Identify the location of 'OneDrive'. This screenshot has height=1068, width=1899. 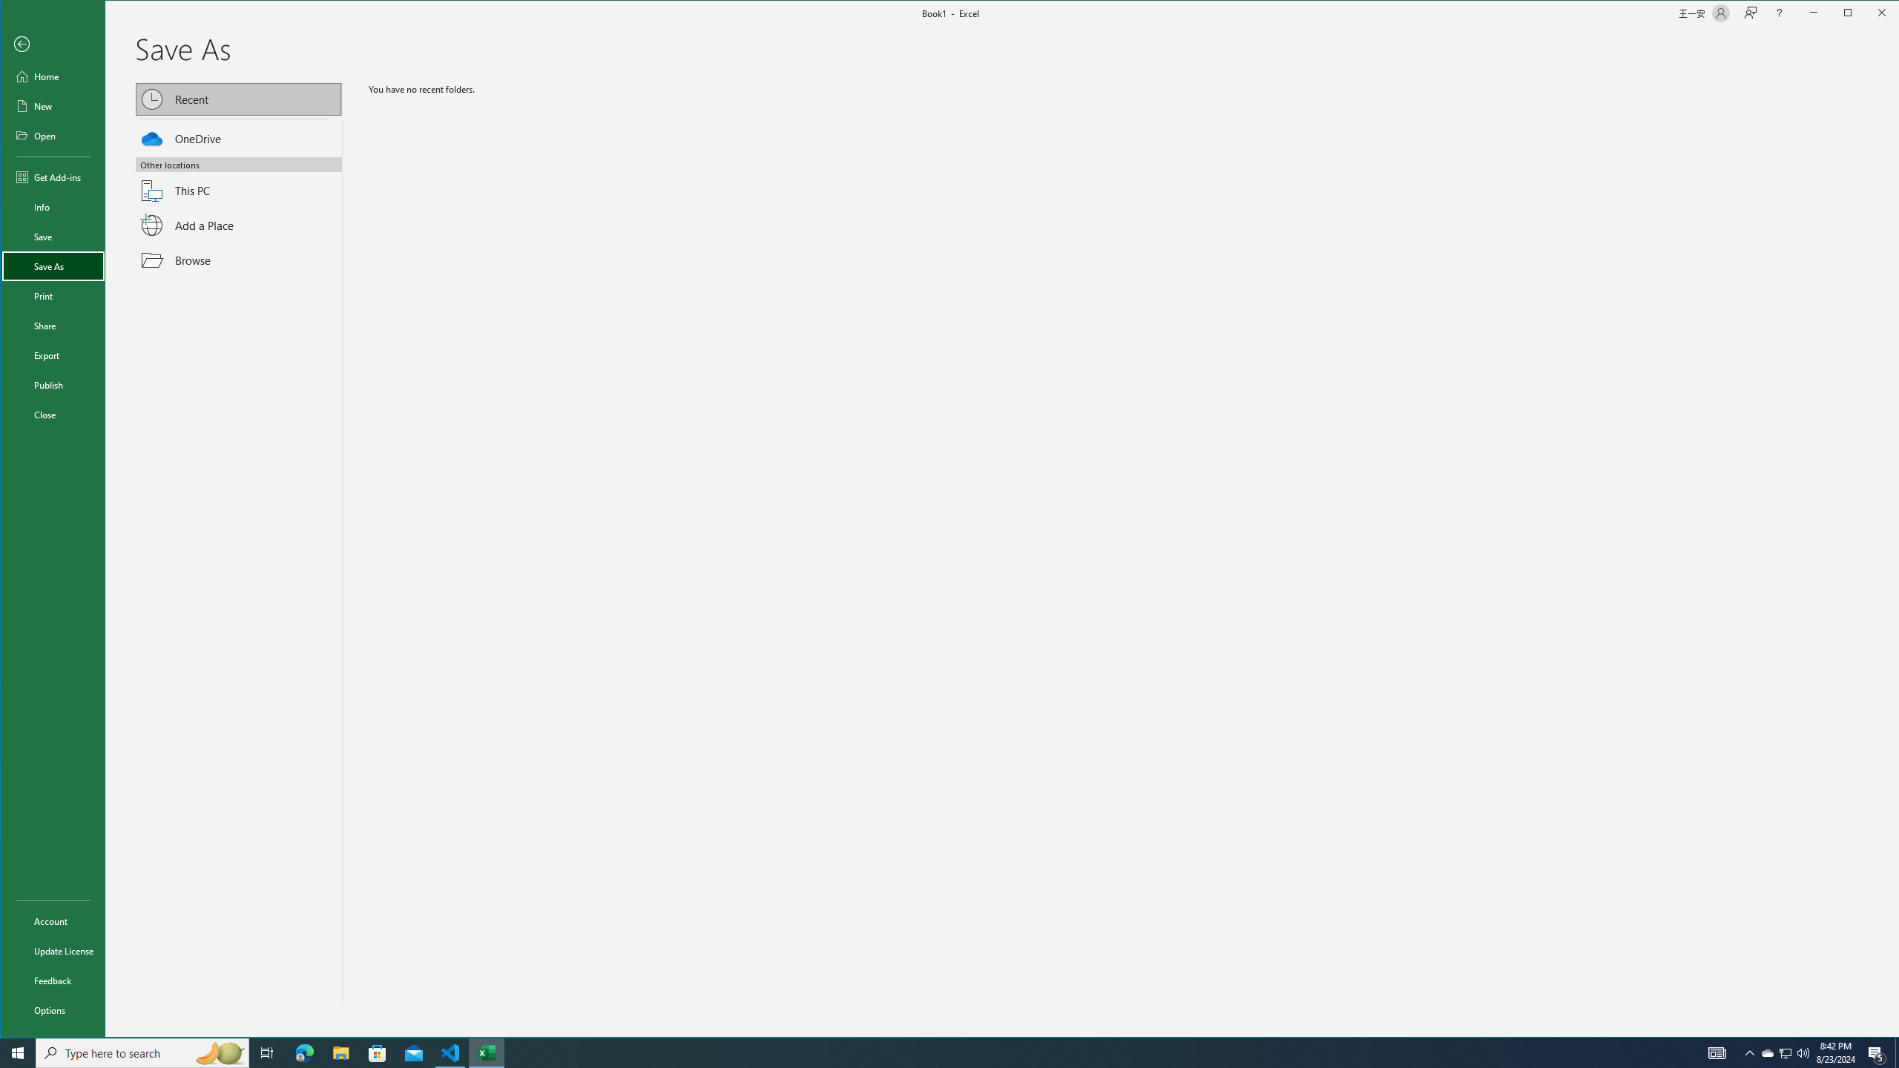
(238, 99).